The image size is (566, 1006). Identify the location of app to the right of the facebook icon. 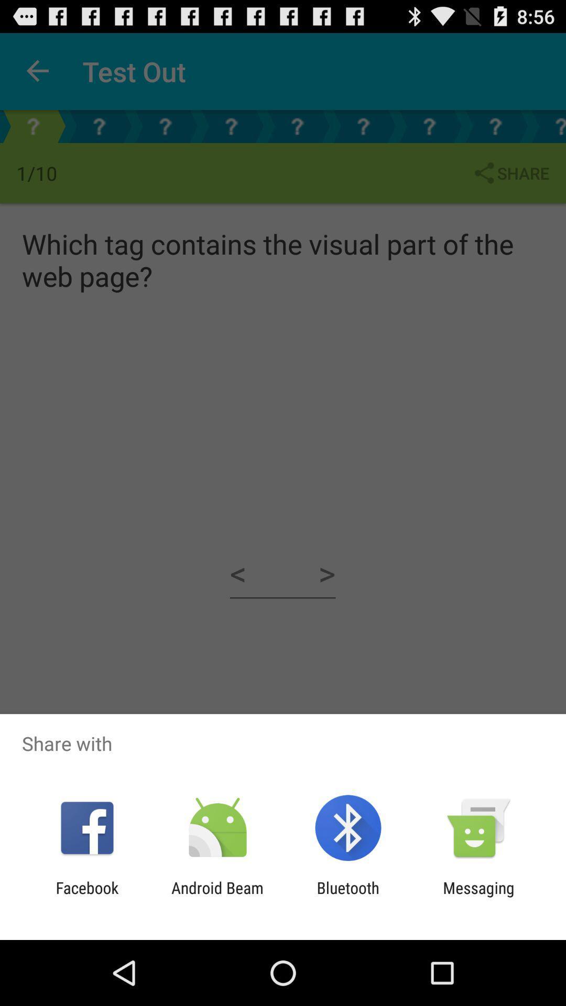
(217, 896).